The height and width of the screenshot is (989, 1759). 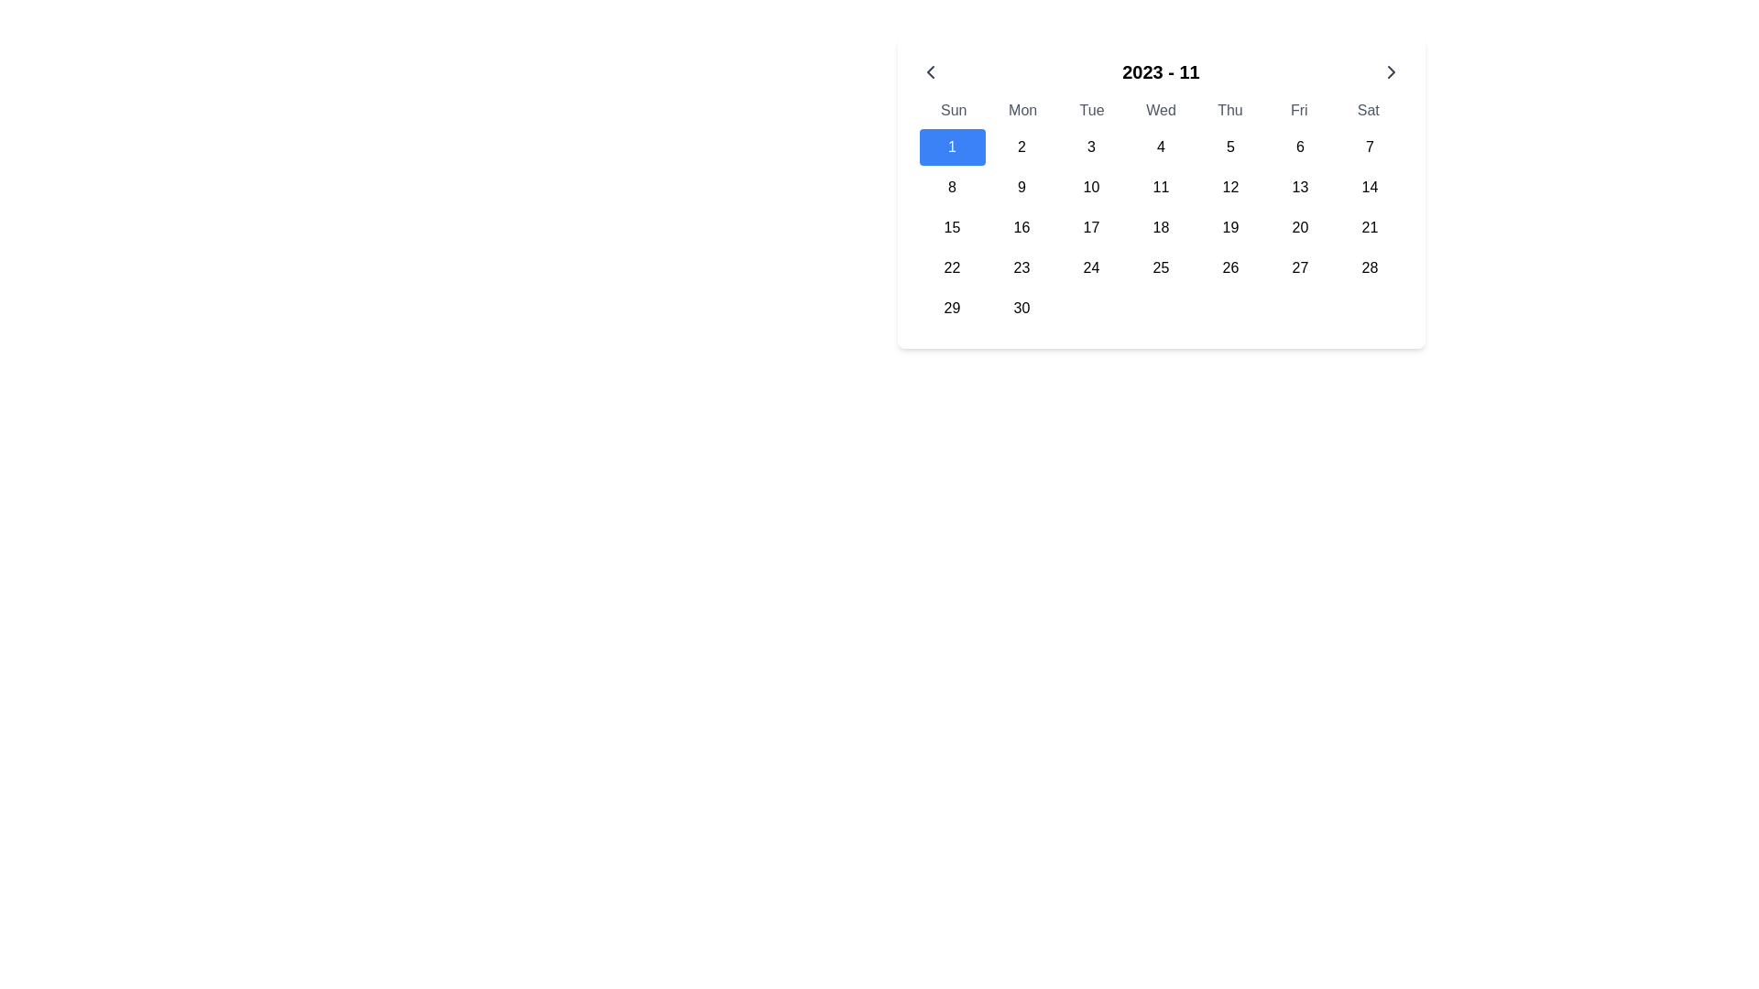 What do you see at coordinates (1298, 110) in the screenshot?
I see `the static text label displaying 'Fri', which is part of a calendar interface, positioned between 'Thu' and 'Sat'` at bounding box center [1298, 110].